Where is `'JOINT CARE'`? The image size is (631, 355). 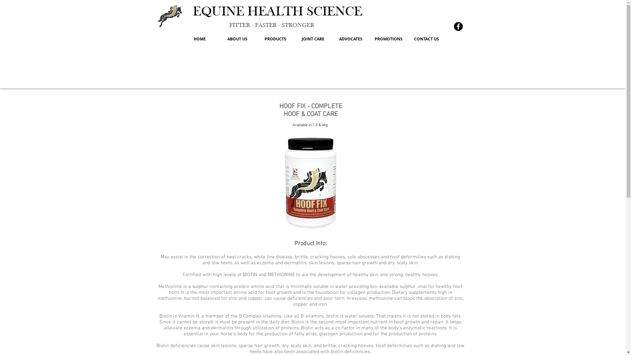 'JOINT CARE' is located at coordinates (313, 39).